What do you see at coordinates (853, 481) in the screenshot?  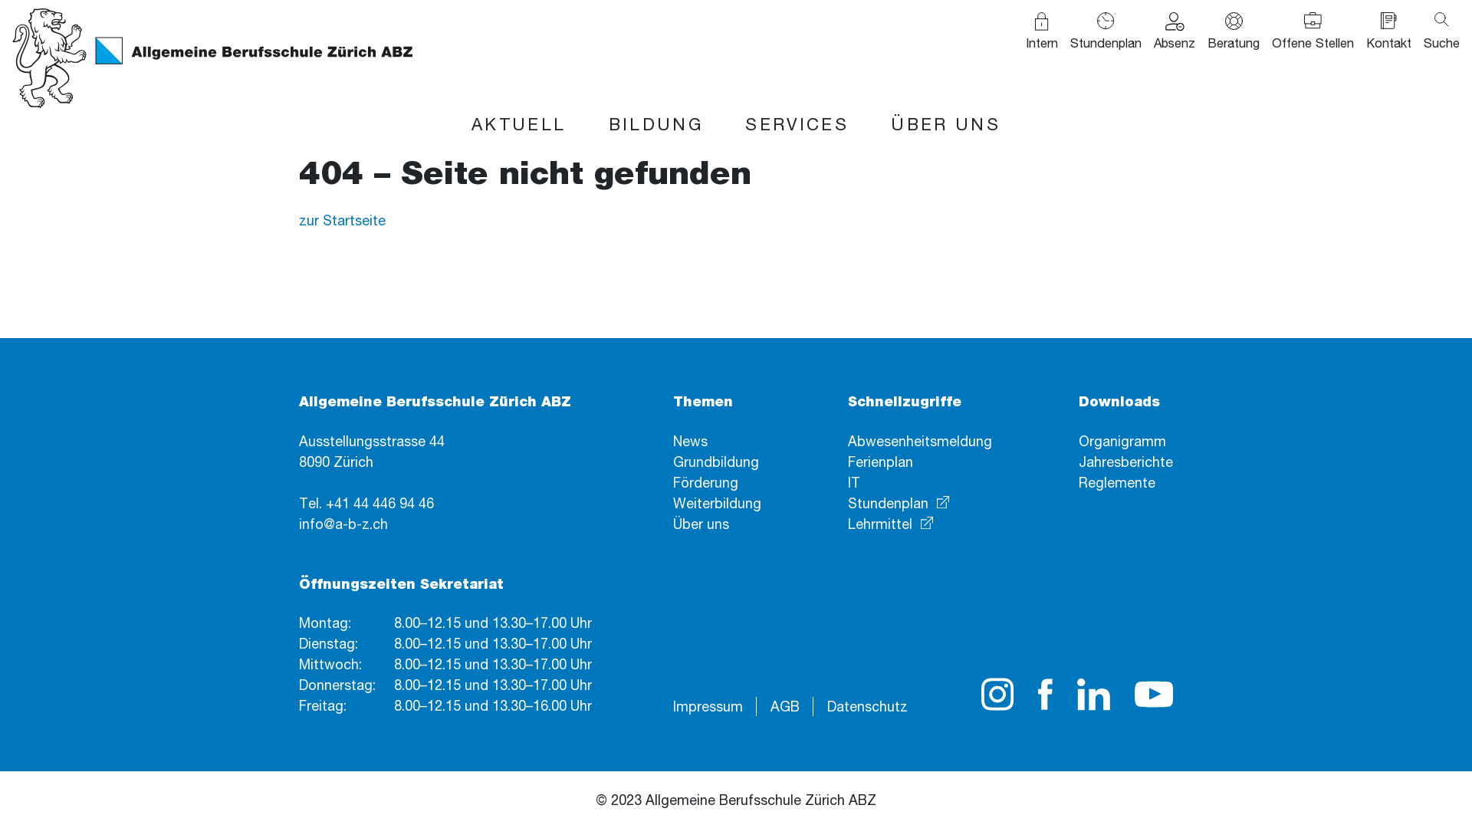 I see `'IT'` at bounding box center [853, 481].